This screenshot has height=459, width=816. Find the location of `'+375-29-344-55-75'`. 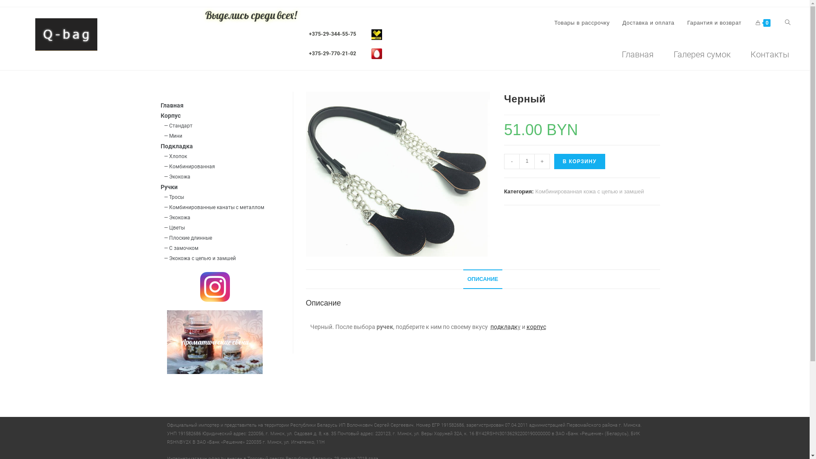

'+375-29-344-55-75' is located at coordinates (332, 34).